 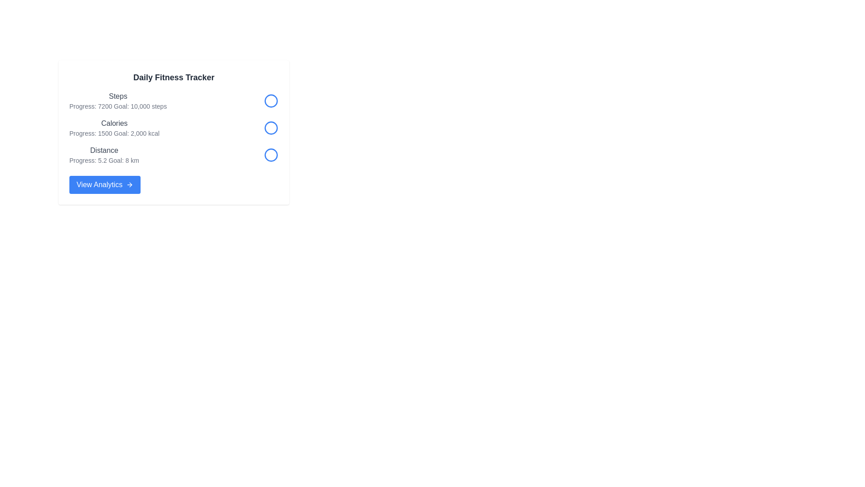 I want to click on calorie tracking information displayed in the second TextBlockWithIcon within the 'Daily Fitness Tracker' card, located below the 'Steps' entry and above the 'Distance' entry, so click(x=173, y=128).